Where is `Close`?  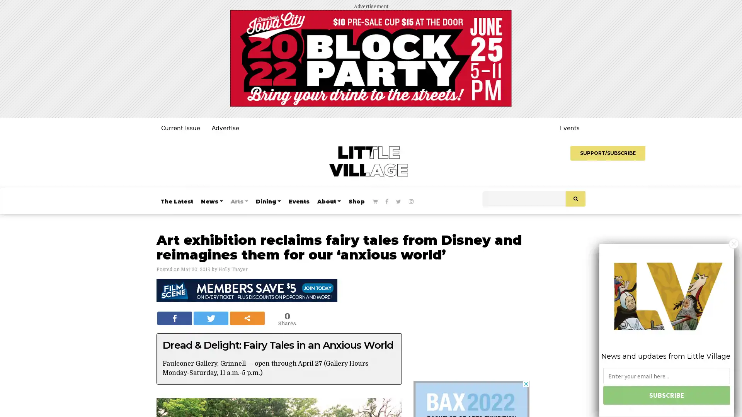 Close is located at coordinates (733, 242).